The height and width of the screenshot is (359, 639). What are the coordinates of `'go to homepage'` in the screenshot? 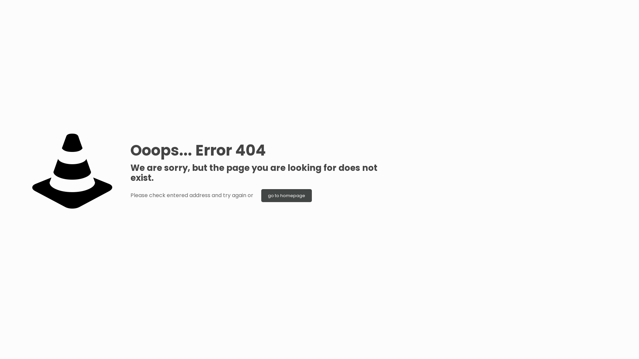 It's located at (261, 195).